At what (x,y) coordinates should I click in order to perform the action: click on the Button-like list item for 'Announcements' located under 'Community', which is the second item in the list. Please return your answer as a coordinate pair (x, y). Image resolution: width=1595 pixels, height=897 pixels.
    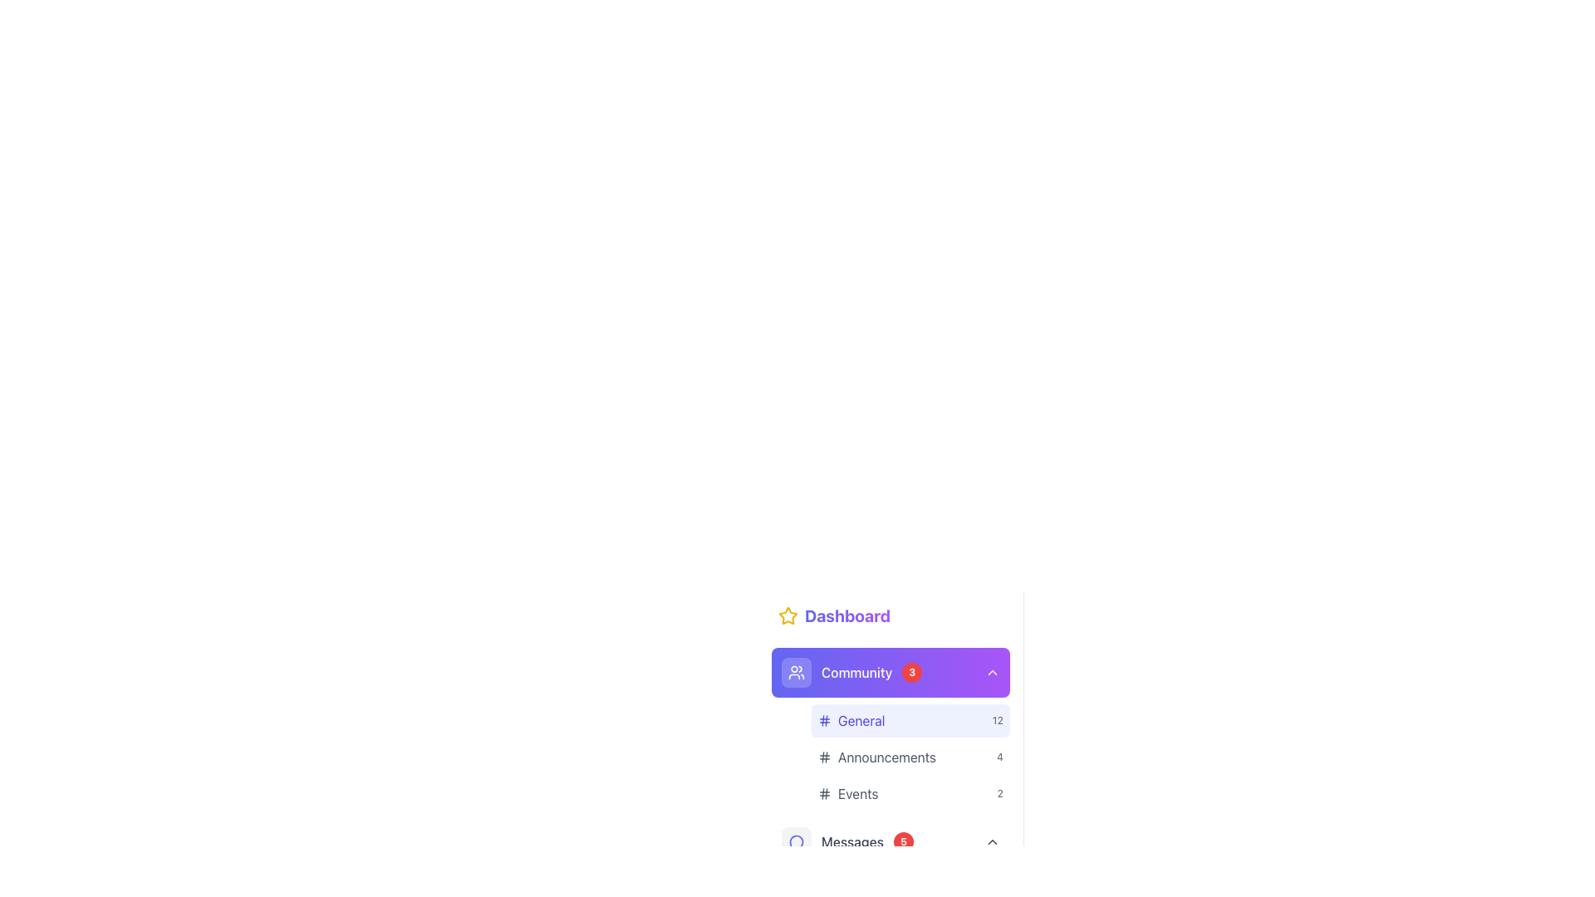
    Looking at the image, I should click on (910, 757).